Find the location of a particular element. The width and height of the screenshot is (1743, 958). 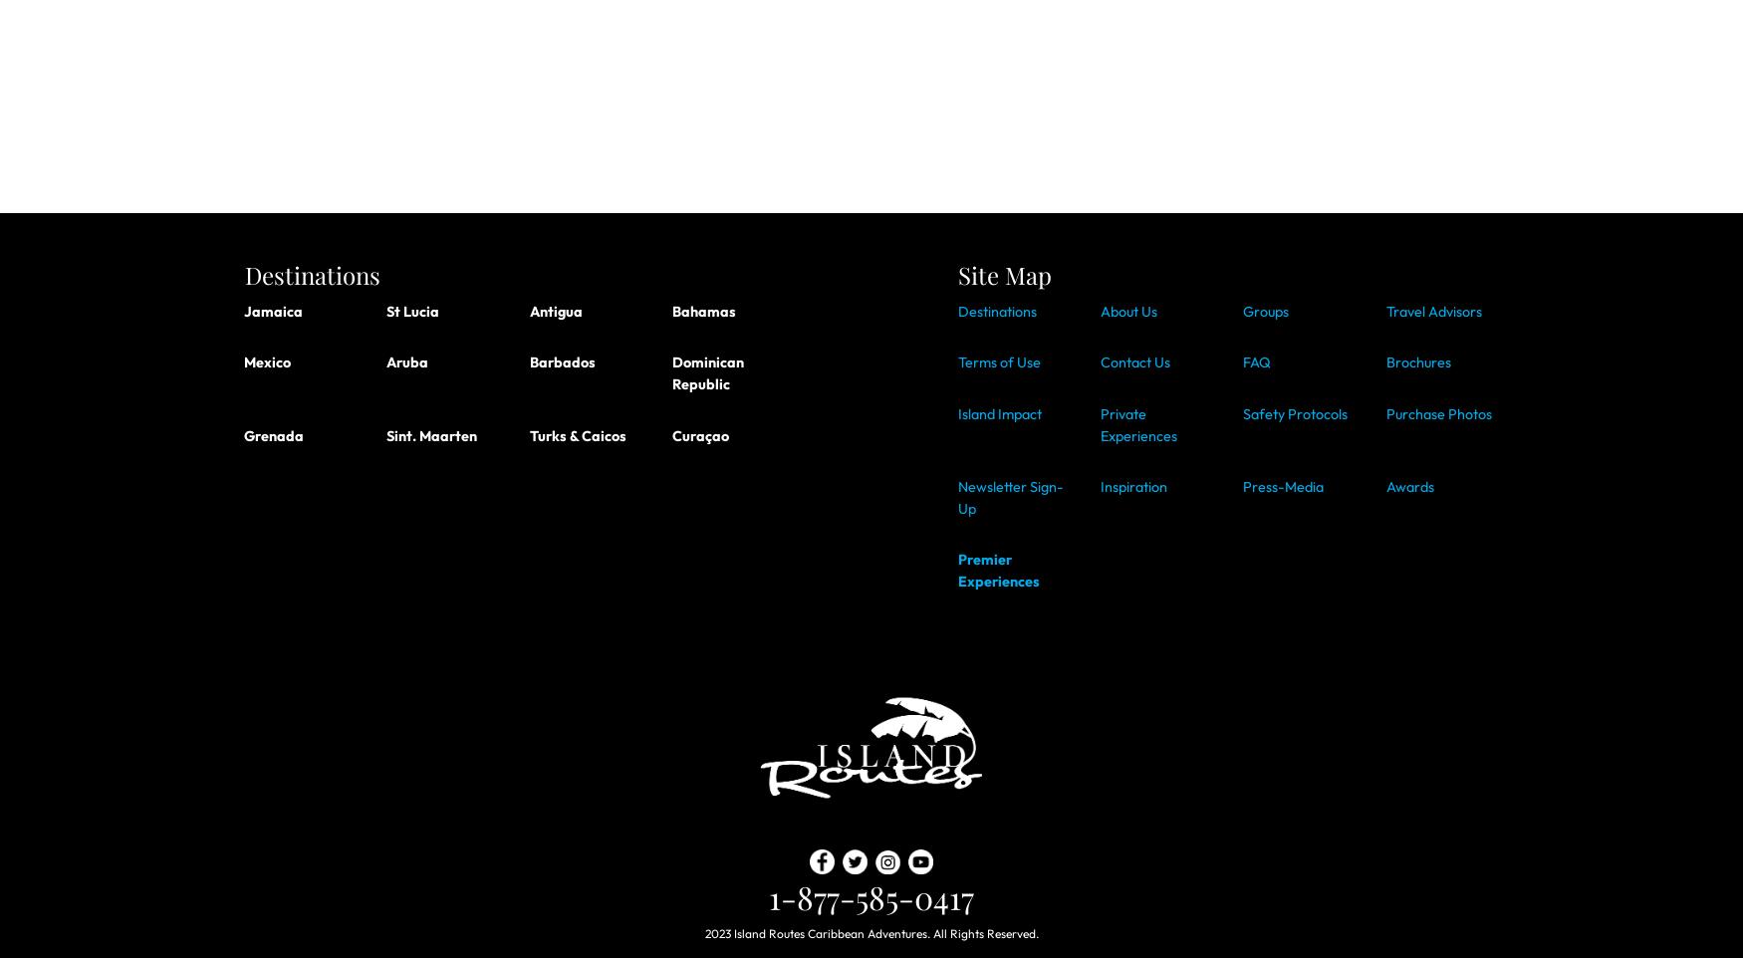

'Inspiration' is located at coordinates (1131, 485).